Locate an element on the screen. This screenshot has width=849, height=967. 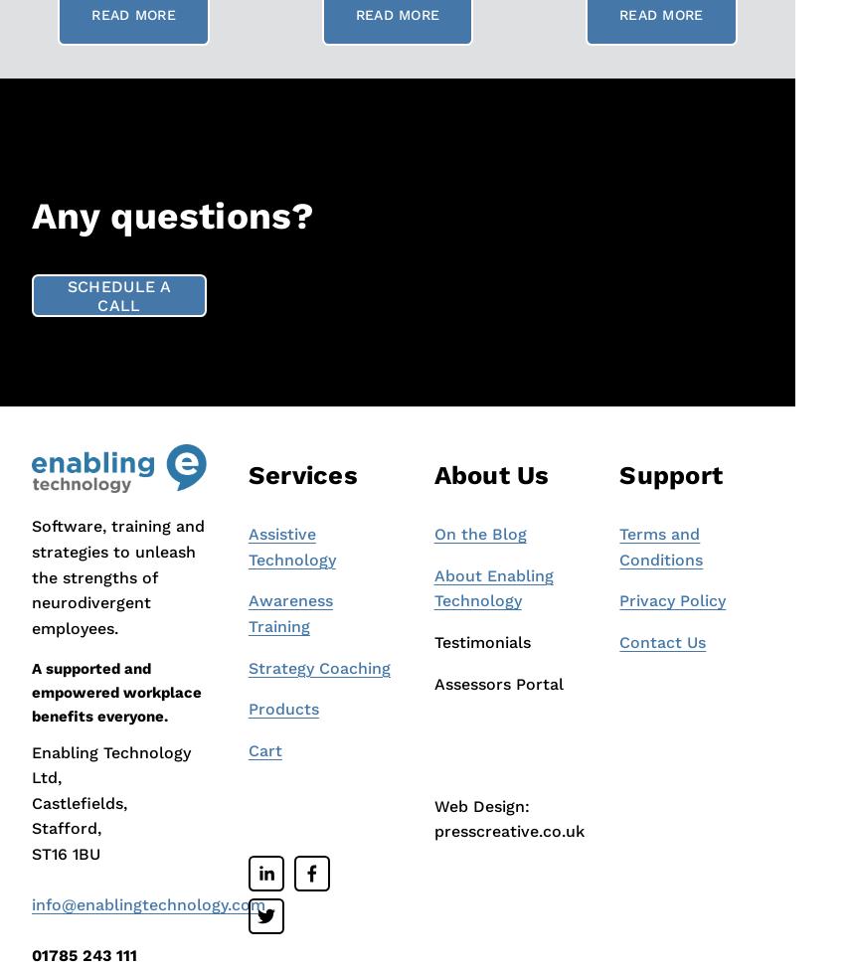
'Software, training and strategies to unleash the strengths of neurodivergent employees.' is located at coordinates (120, 576).